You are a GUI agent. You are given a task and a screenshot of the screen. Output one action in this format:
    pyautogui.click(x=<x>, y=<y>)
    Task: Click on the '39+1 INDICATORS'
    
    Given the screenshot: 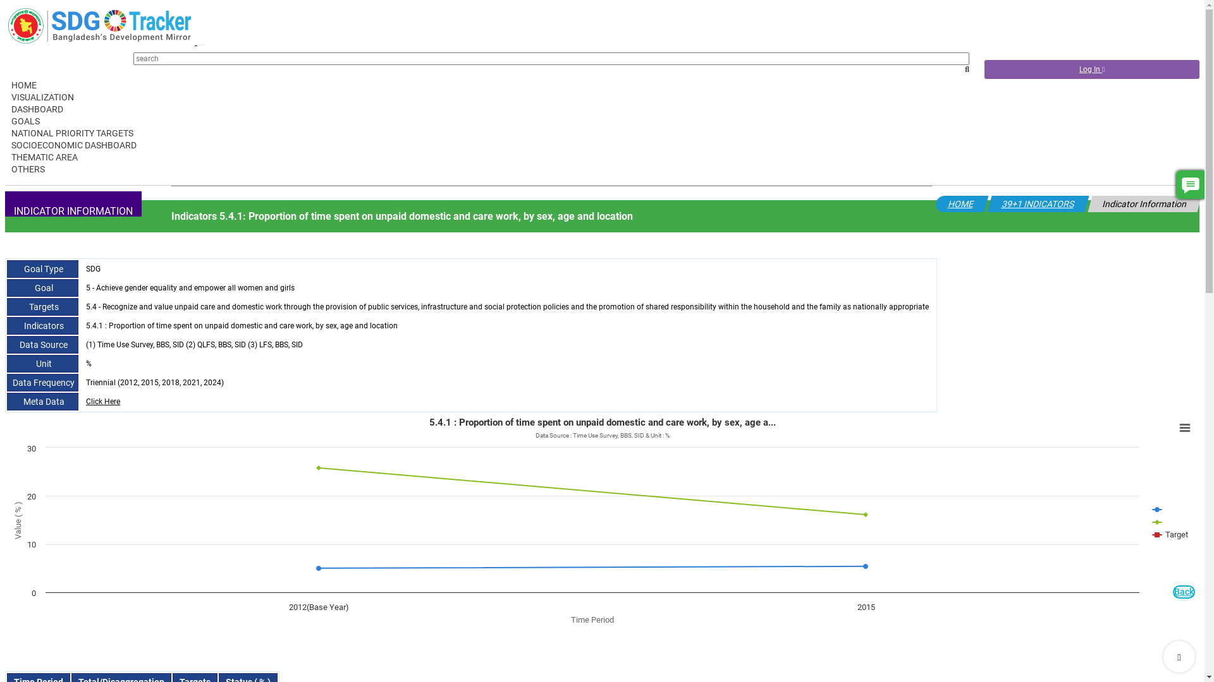 What is the action you would take?
    pyautogui.click(x=1037, y=203)
    